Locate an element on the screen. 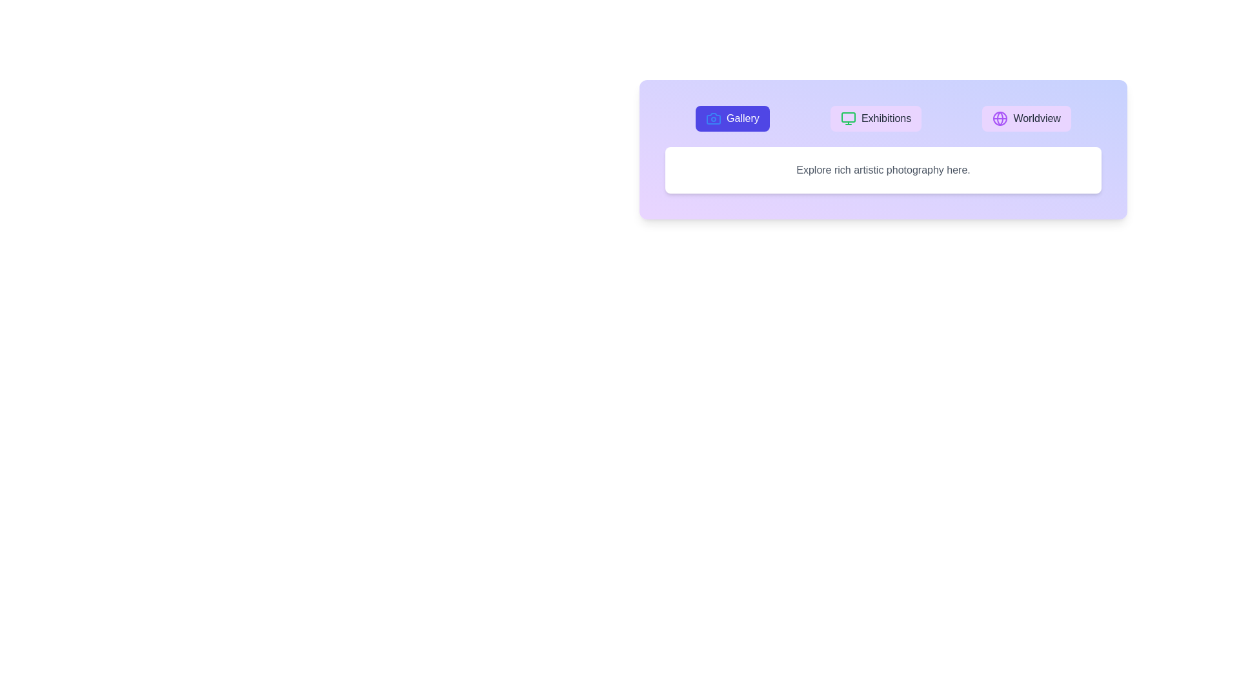 The image size is (1239, 697). the Exhibitions tab by clicking on the corresponding button is located at coordinates (876, 119).